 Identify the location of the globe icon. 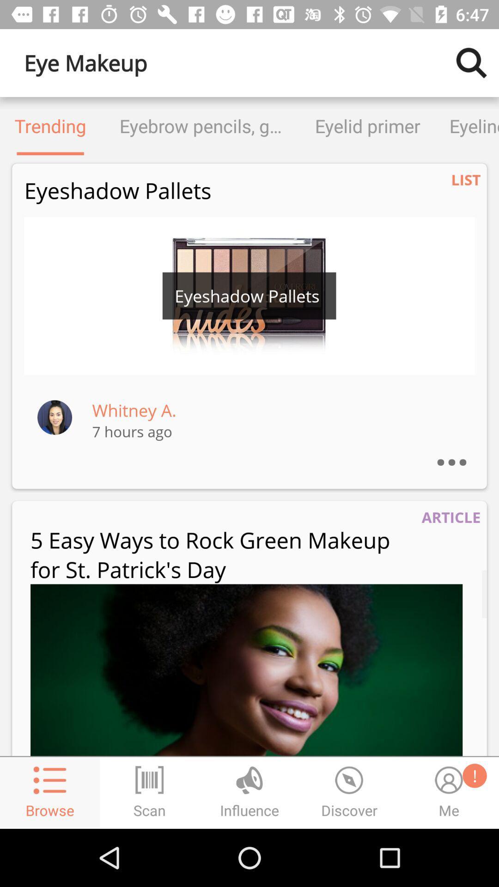
(249, 792).